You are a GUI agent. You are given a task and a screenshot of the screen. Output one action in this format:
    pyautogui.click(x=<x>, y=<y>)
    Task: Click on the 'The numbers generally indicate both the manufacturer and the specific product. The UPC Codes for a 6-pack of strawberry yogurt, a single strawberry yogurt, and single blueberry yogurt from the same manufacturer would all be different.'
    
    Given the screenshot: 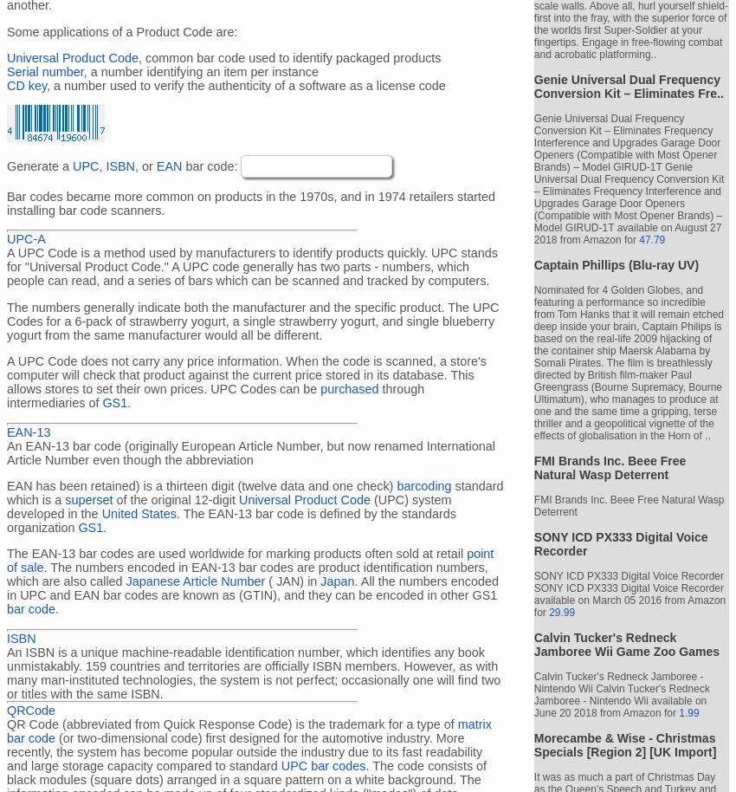 What is the action you would take?
    pyautogui.click(x=251, y=320)
    